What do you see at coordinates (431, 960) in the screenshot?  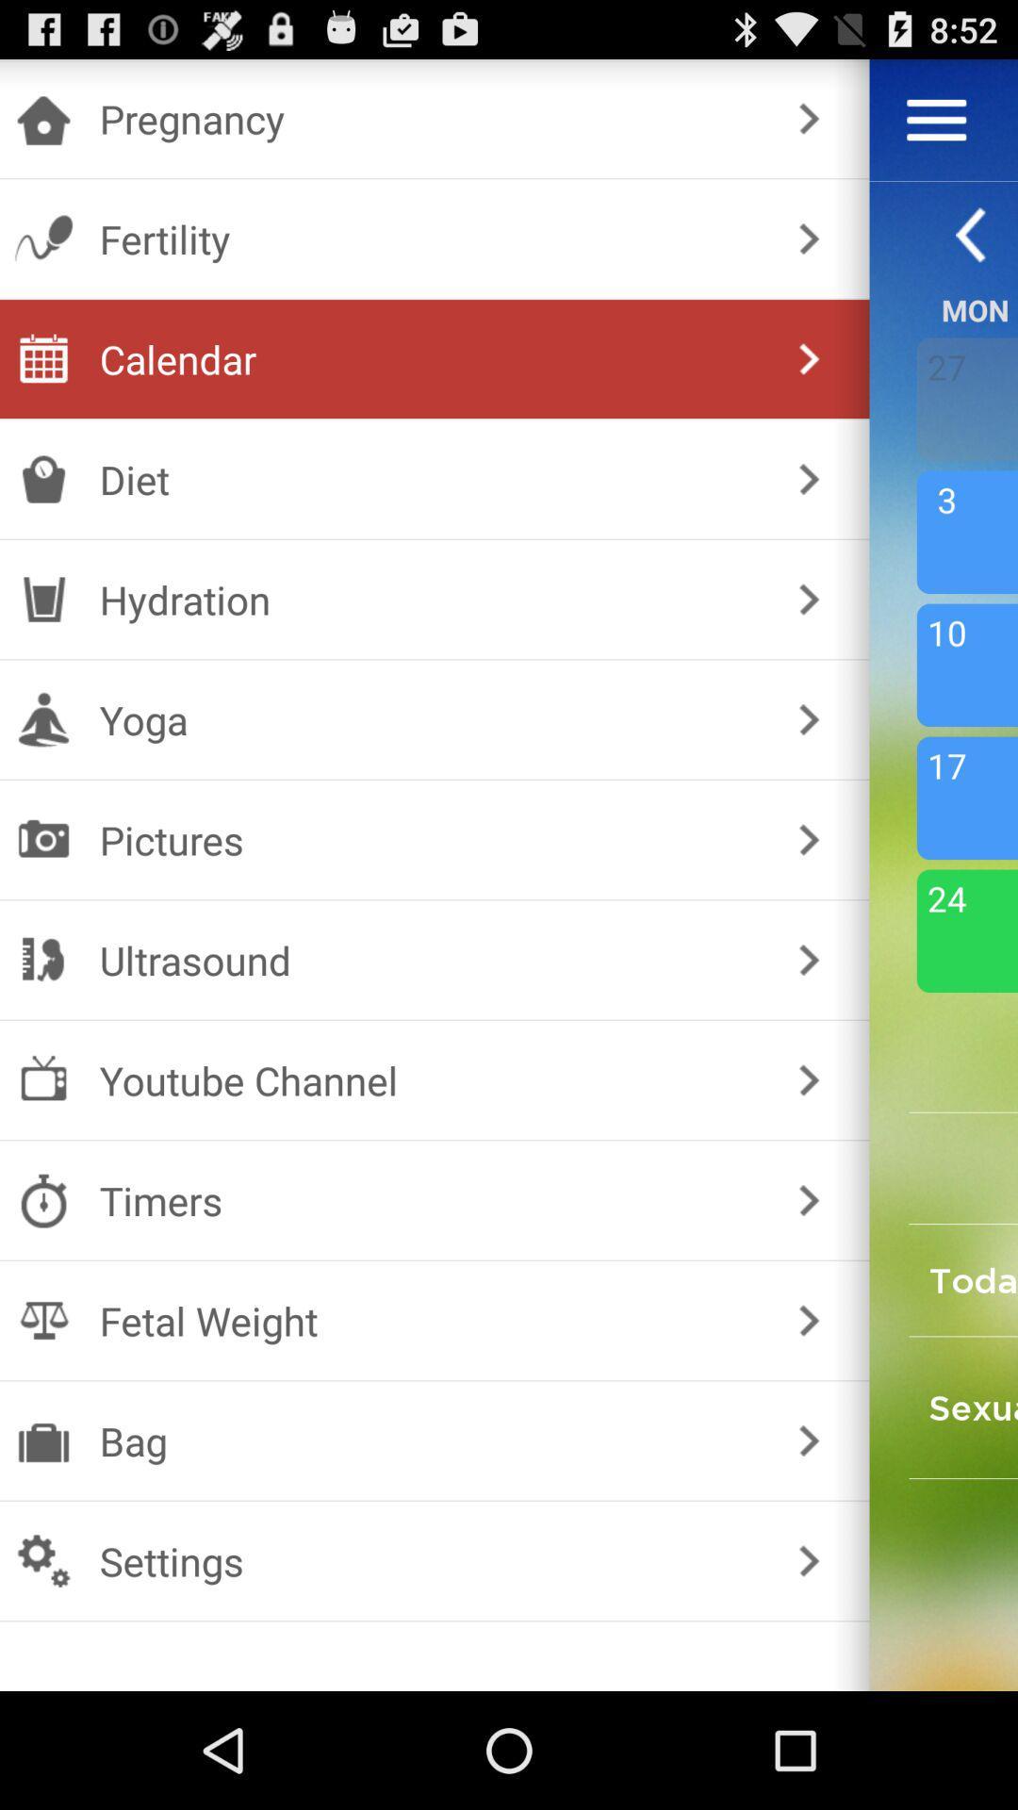 I see `icon below pictures checkbox` at bounding box center [431, 960].